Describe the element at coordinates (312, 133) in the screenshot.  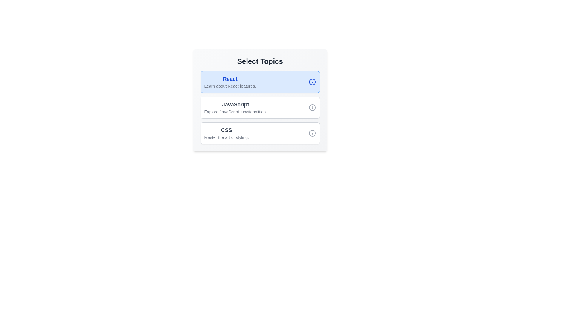
I see `the details icon of the topic CSS` at that location.